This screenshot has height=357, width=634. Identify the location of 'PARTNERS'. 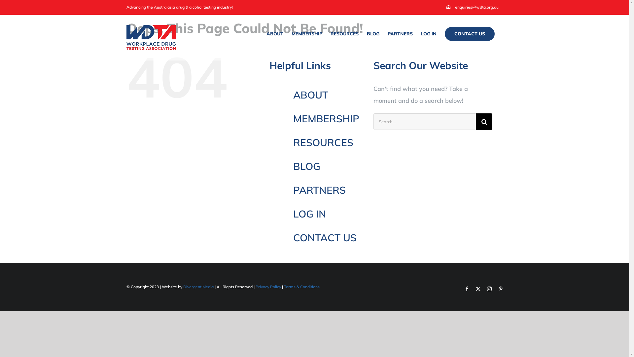
(319, 190).